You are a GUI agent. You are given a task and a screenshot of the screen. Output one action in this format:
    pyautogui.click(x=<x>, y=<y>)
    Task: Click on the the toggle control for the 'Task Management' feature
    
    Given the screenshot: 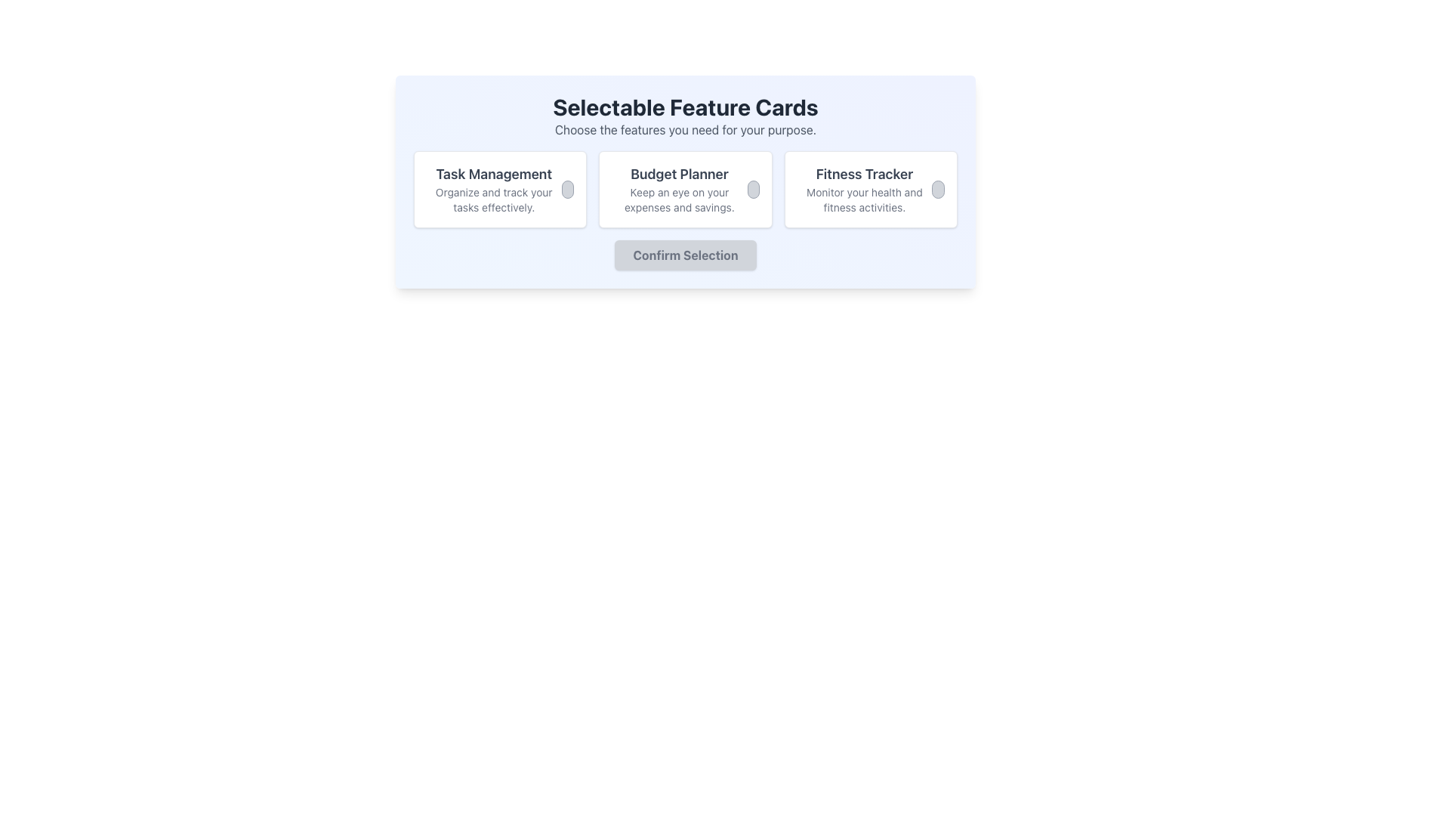 What is the action you would take?
    pyautogui.click(x=566, y=188)
    